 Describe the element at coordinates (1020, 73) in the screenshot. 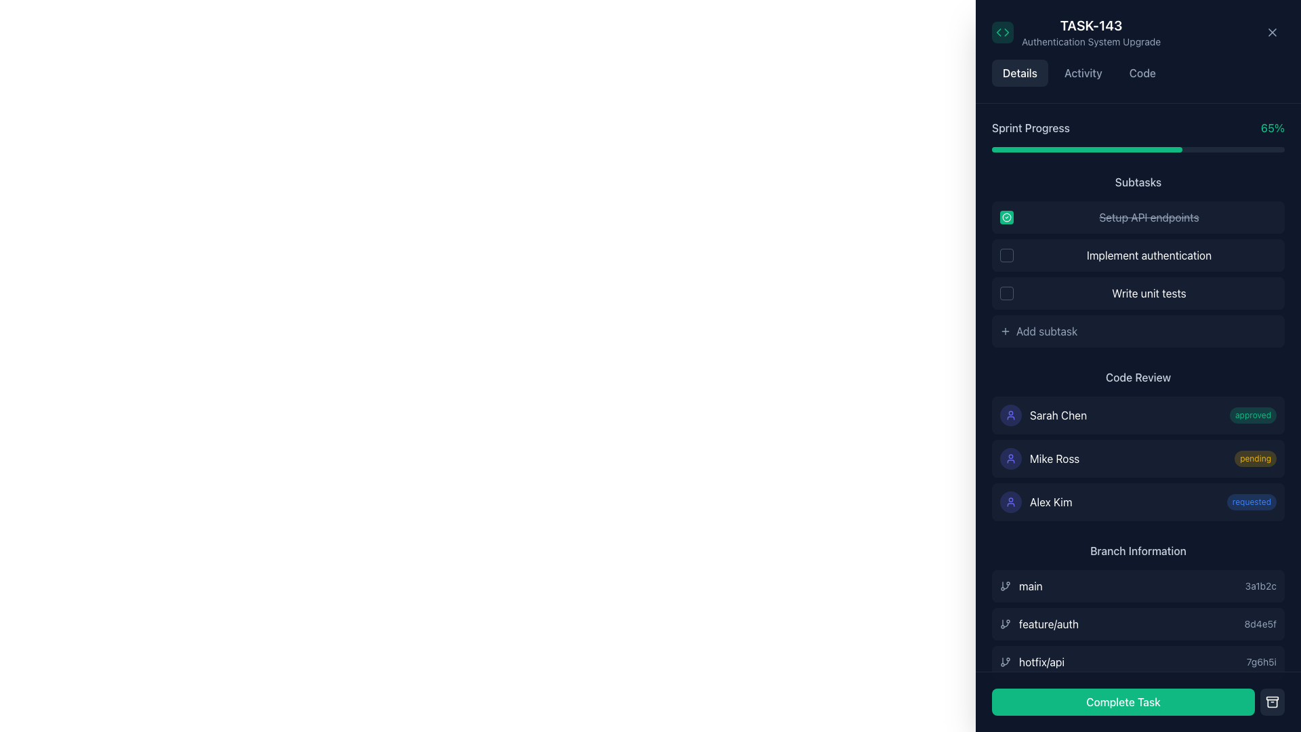

I see `the first button labeled 'Details' in the top-left area of the panel` at that location.